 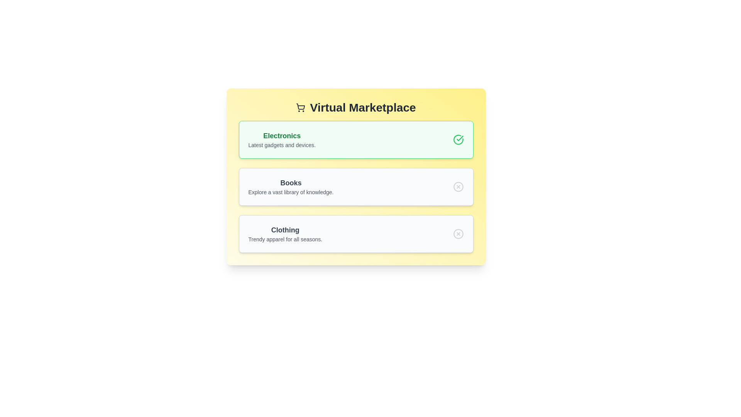 What do you see at coordinates (355, 140) in the screenshot?
I see `the category Electronics by clicking on it` at bounding box center [355, 140].